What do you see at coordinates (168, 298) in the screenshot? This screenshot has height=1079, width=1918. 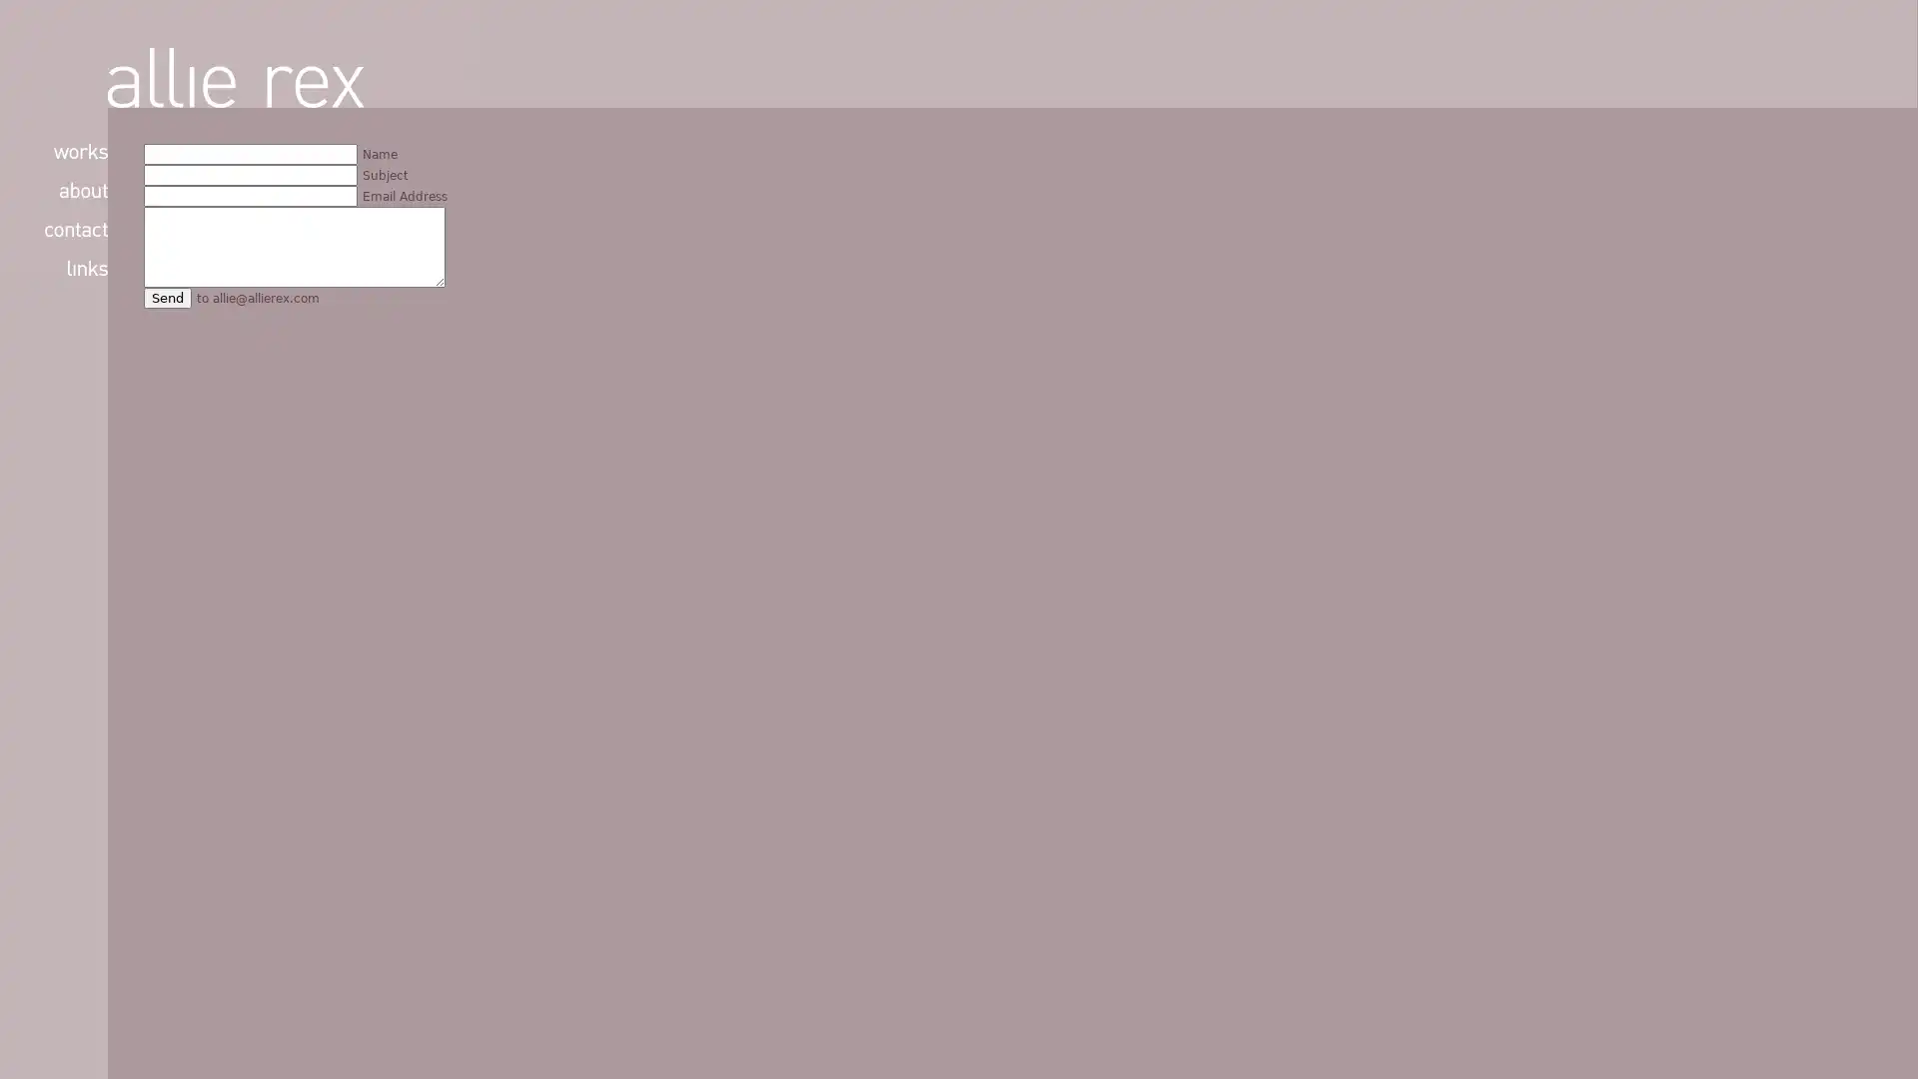 I see `Send` at bounding box center [168, 298].